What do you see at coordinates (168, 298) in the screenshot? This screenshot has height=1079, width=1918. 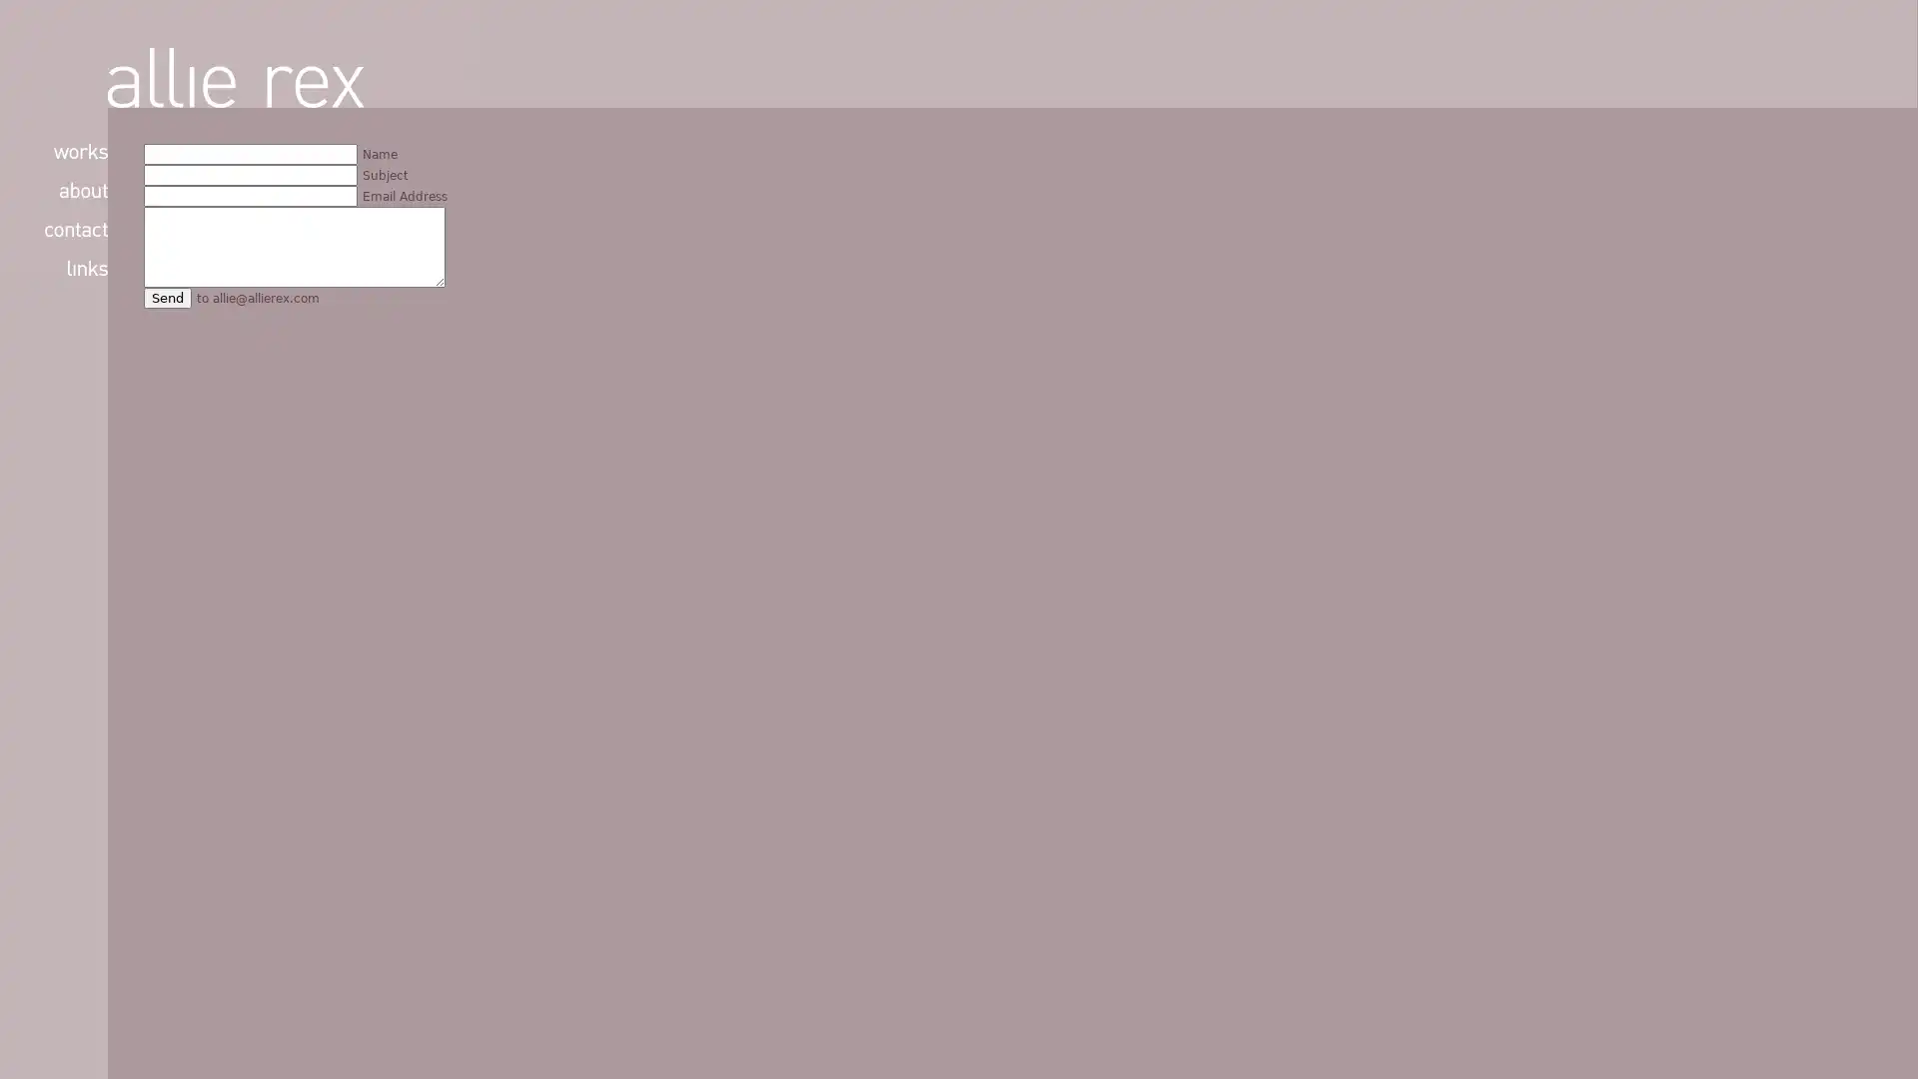 I see `Send` at bounding box center [168, 298].